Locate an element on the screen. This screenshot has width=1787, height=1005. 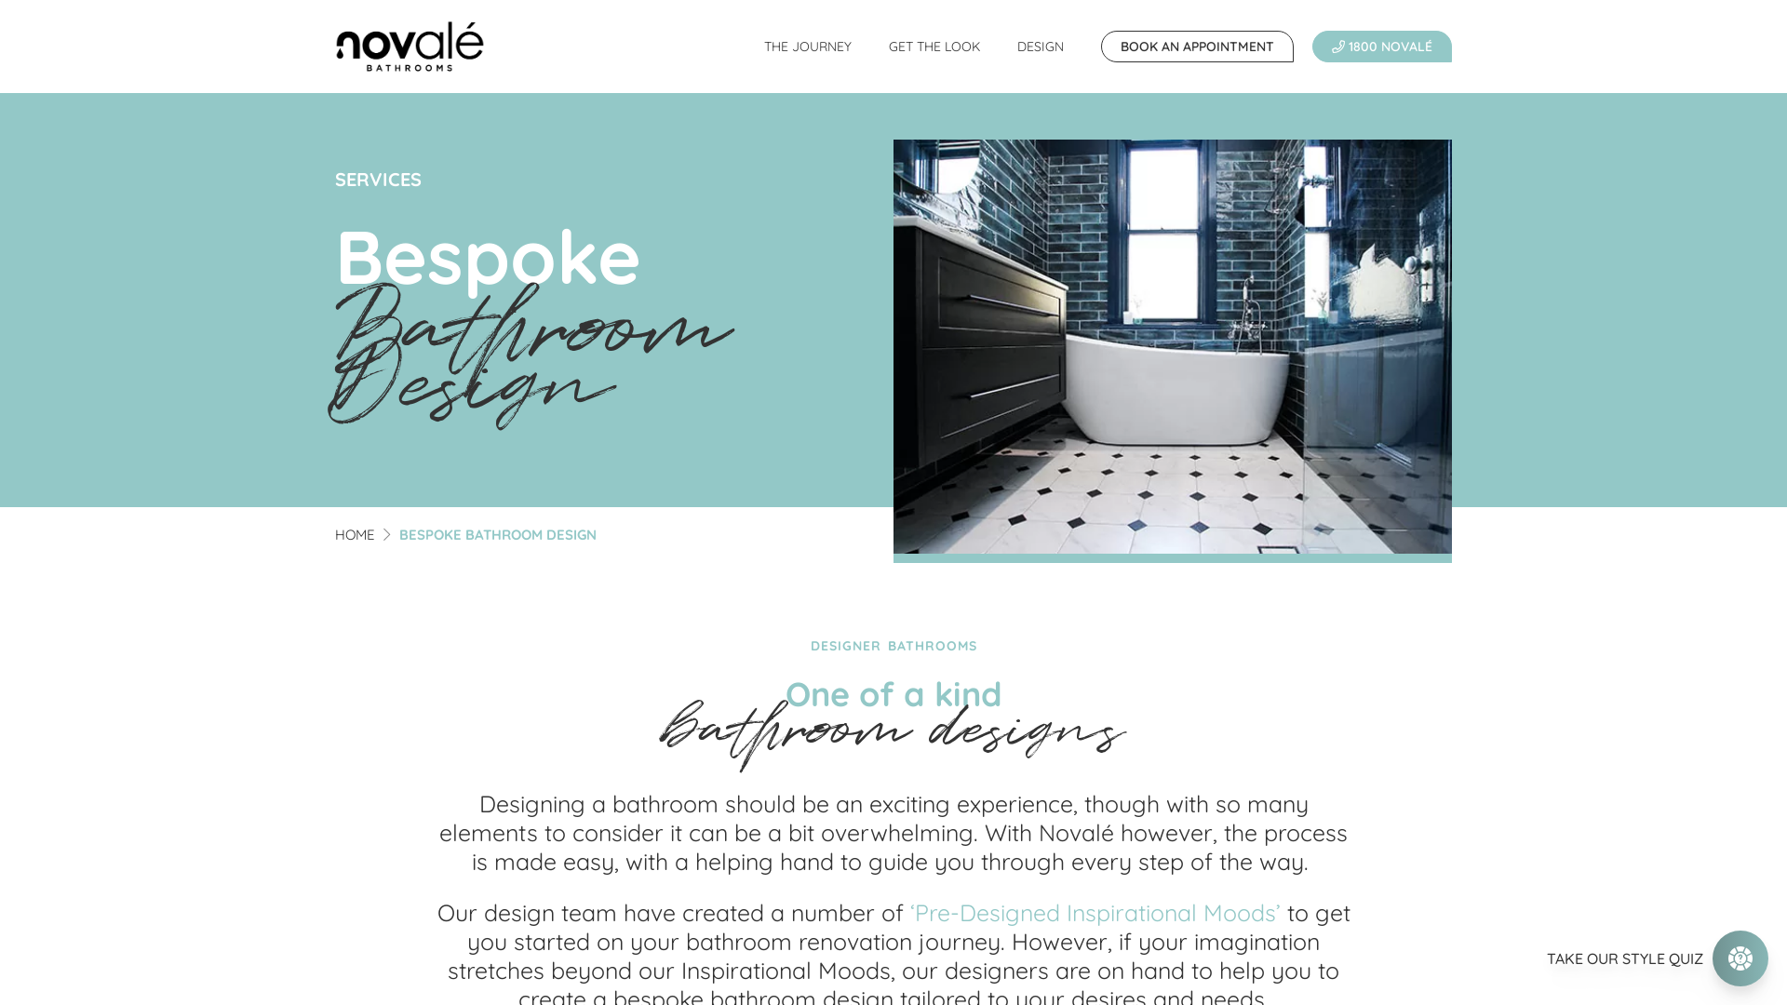
'GET THE LOOK' is located at coordinates (934, 46).